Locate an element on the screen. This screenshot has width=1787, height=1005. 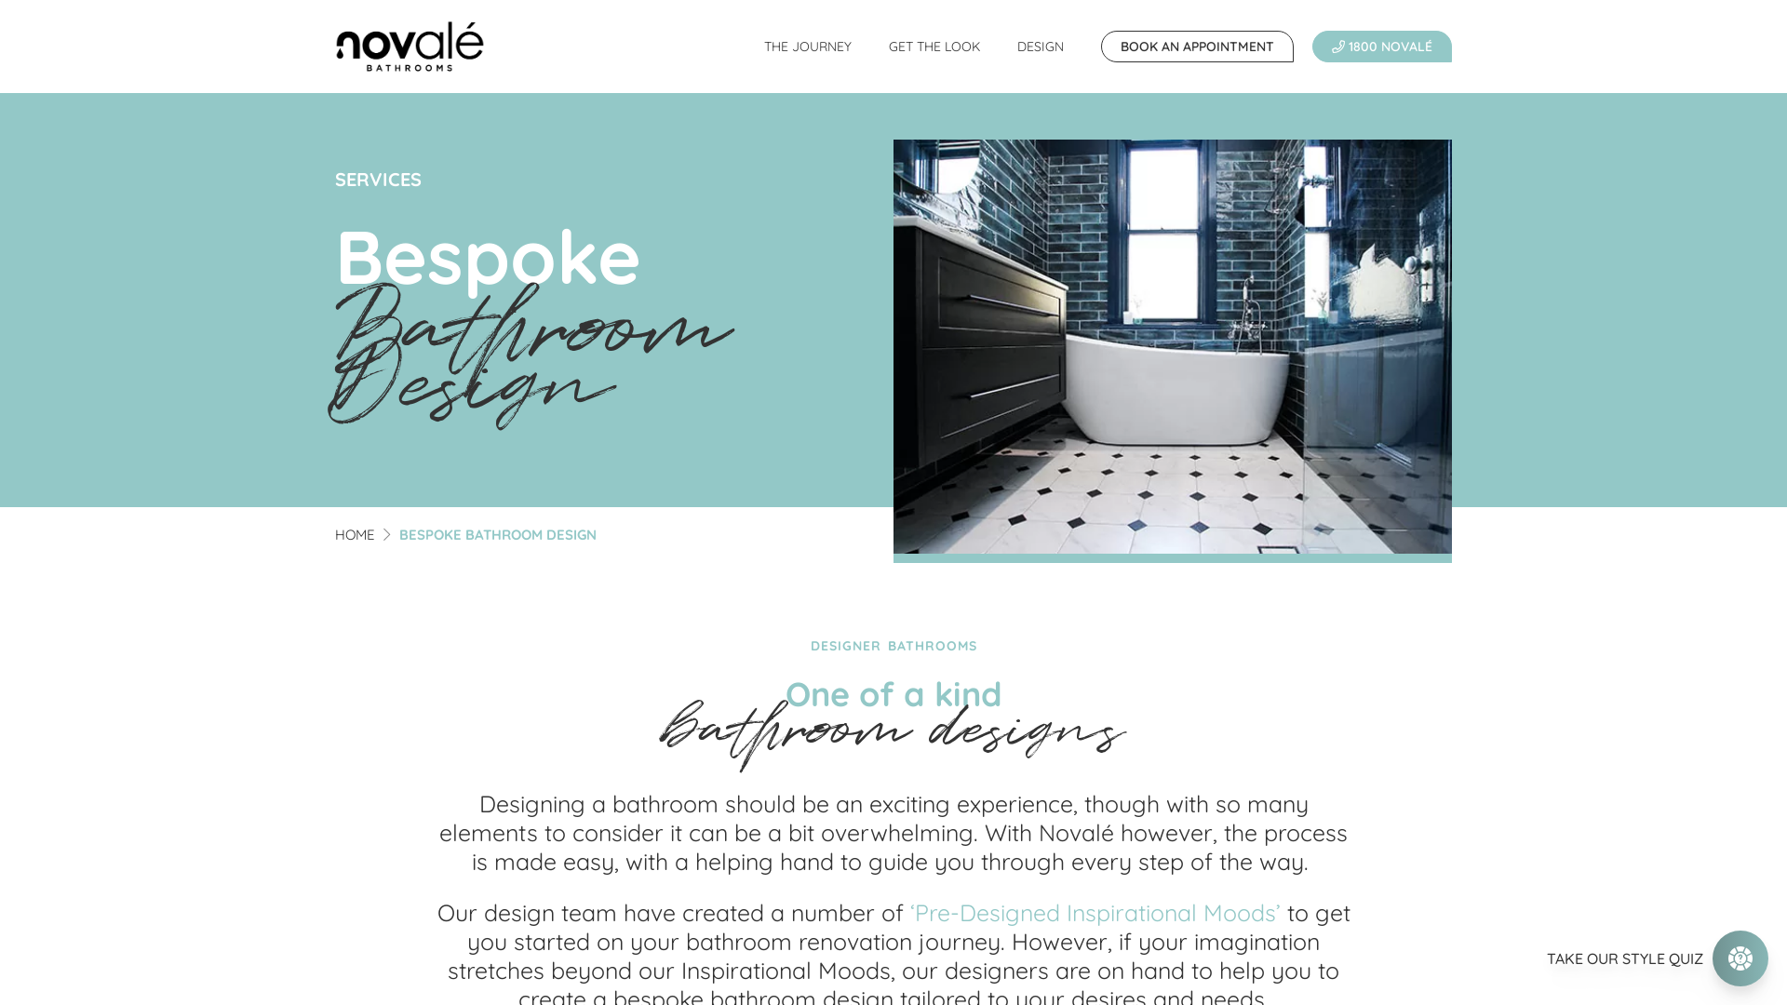
'GET THE LOOK' is located at coordinates (934, 46).